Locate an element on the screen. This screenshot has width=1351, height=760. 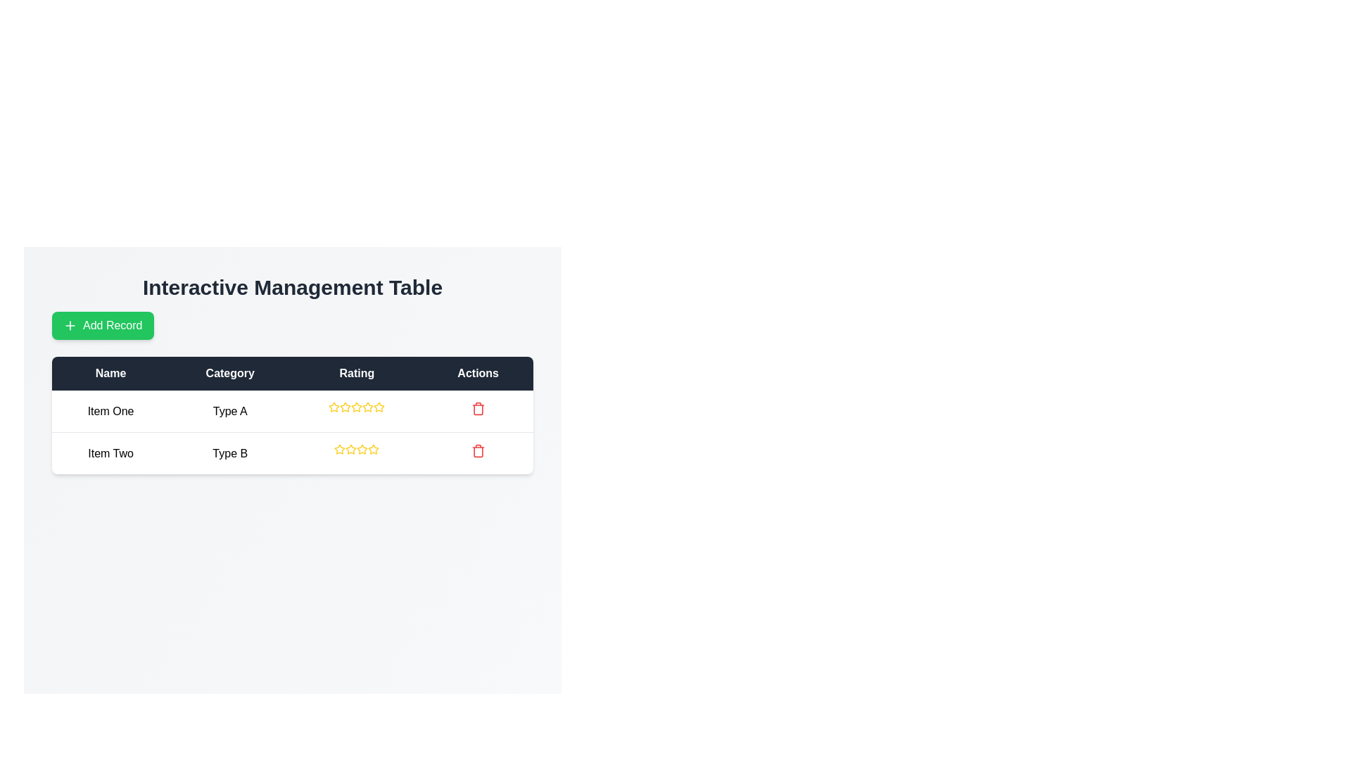
the first yellow star icon in the rating system, located under the 'Rating' column of 'Item One' is located at coordinates (334, 407).